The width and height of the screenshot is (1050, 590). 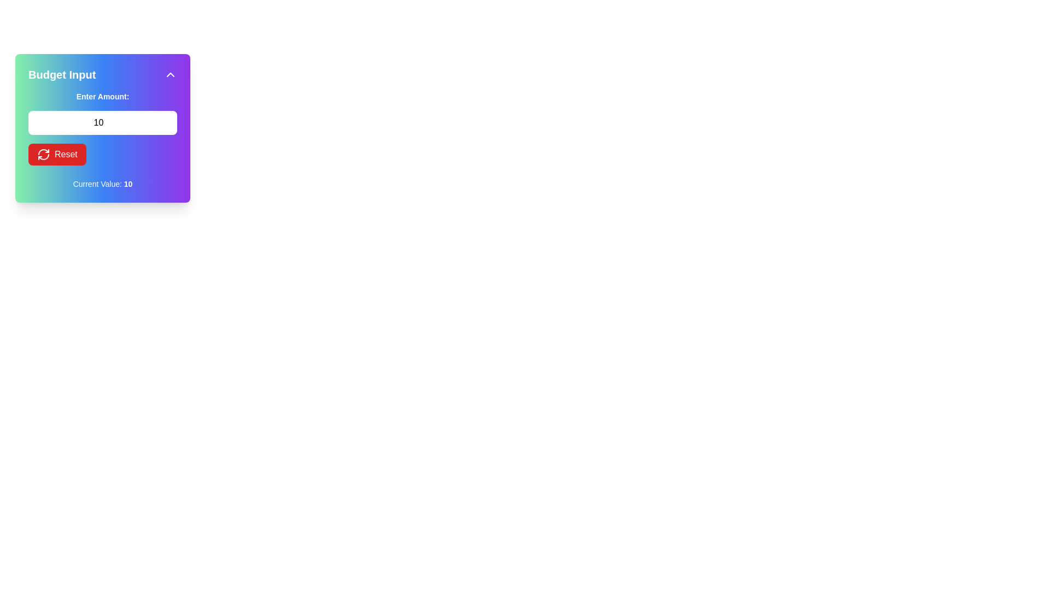 I want to click on the input field of the compound component containing a text label, a number input field, and a button to edit the current value displayed as '10', so click(x=102, y=128).